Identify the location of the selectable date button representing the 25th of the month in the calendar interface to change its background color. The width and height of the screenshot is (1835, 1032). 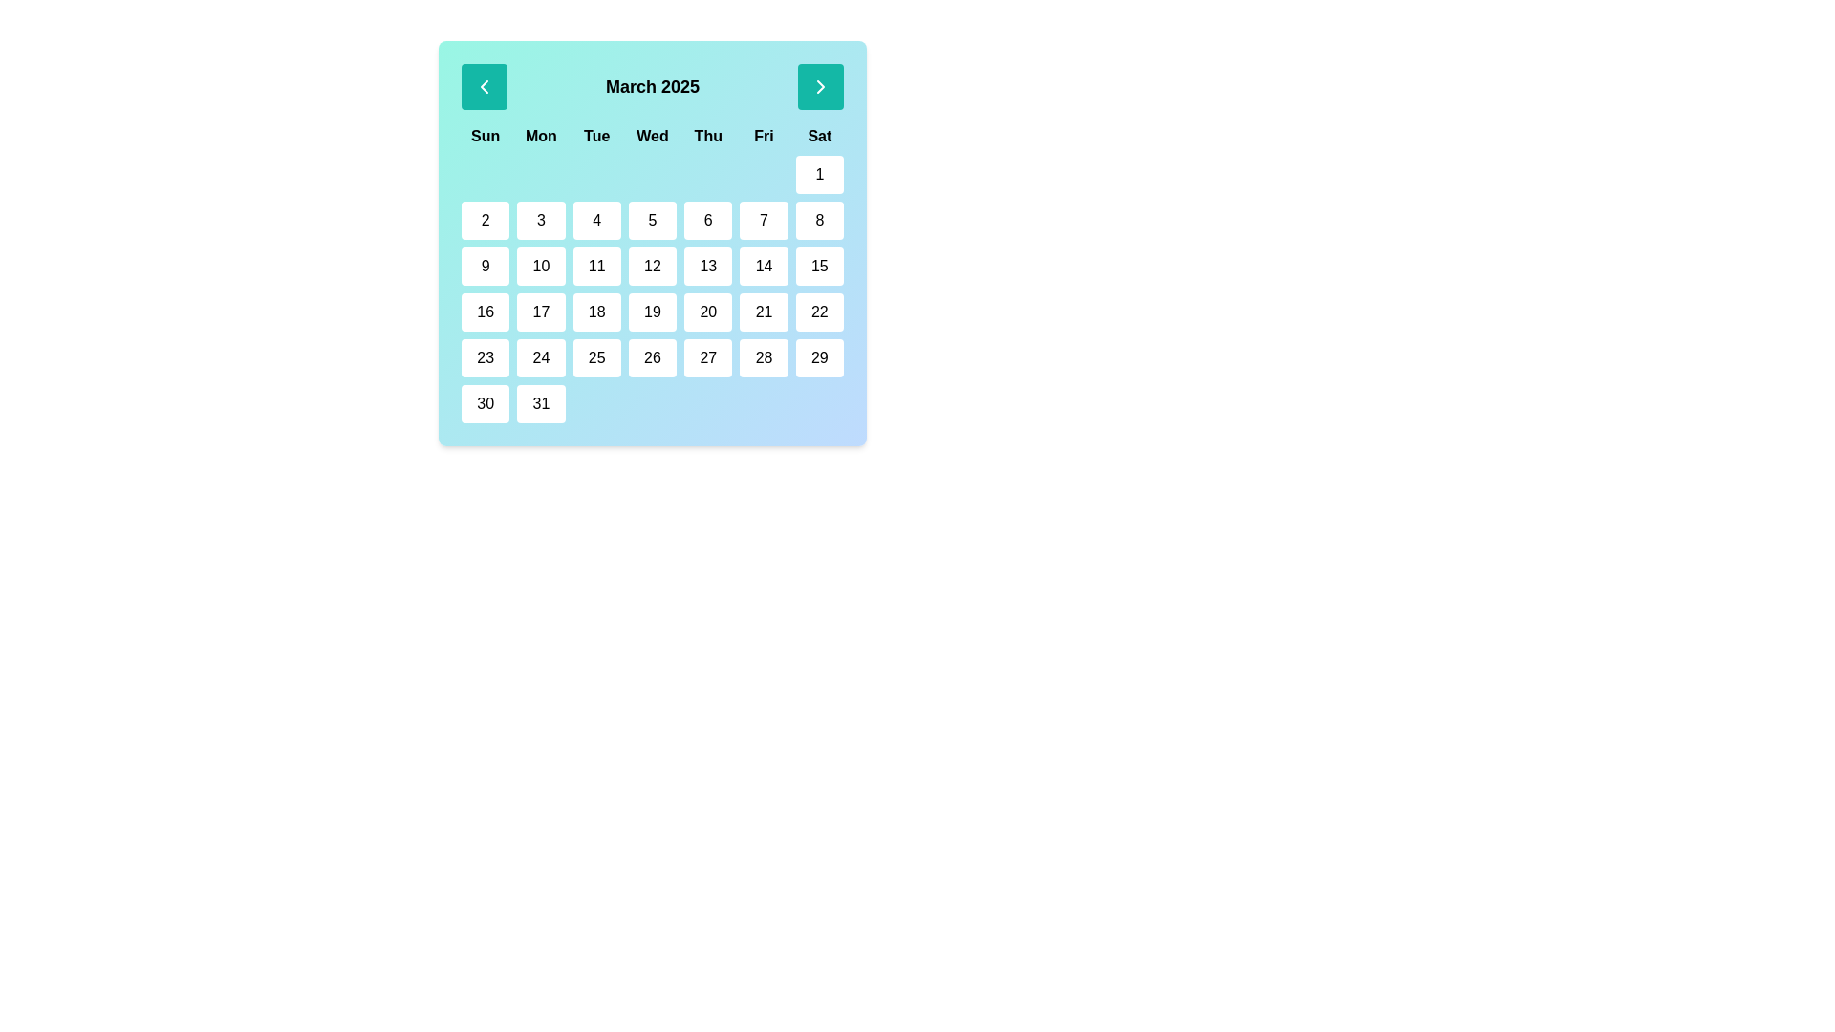
(595, 357).